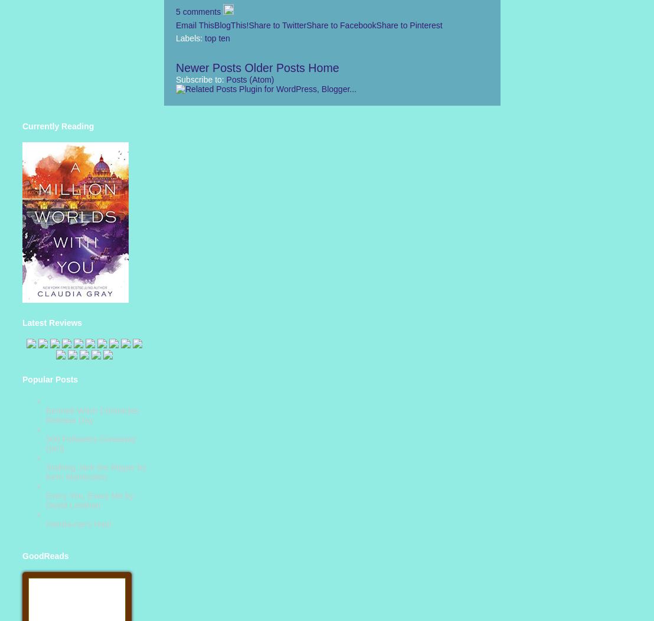  What do you see at coordinates (194, 24) in the screenshot?
I see `'Email This'` at bounding box center [194, 24].